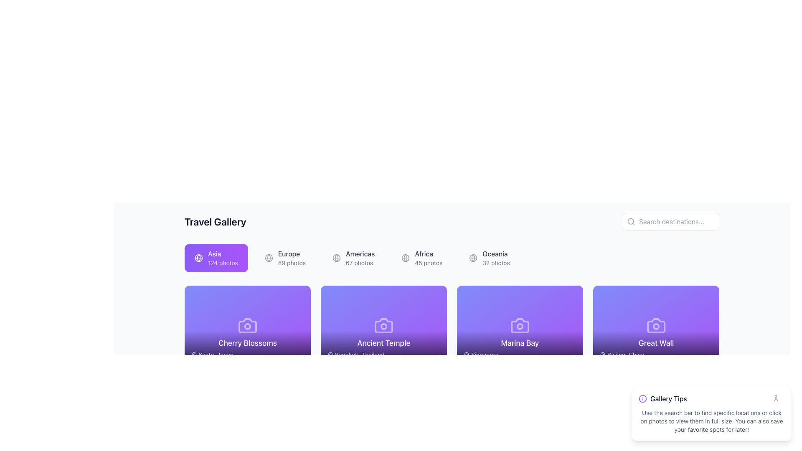  Describe the element at coordinates (292, 257) in the screenshot. I see `the 'Europe' navigation item in the Travel Gallery section` at that location.